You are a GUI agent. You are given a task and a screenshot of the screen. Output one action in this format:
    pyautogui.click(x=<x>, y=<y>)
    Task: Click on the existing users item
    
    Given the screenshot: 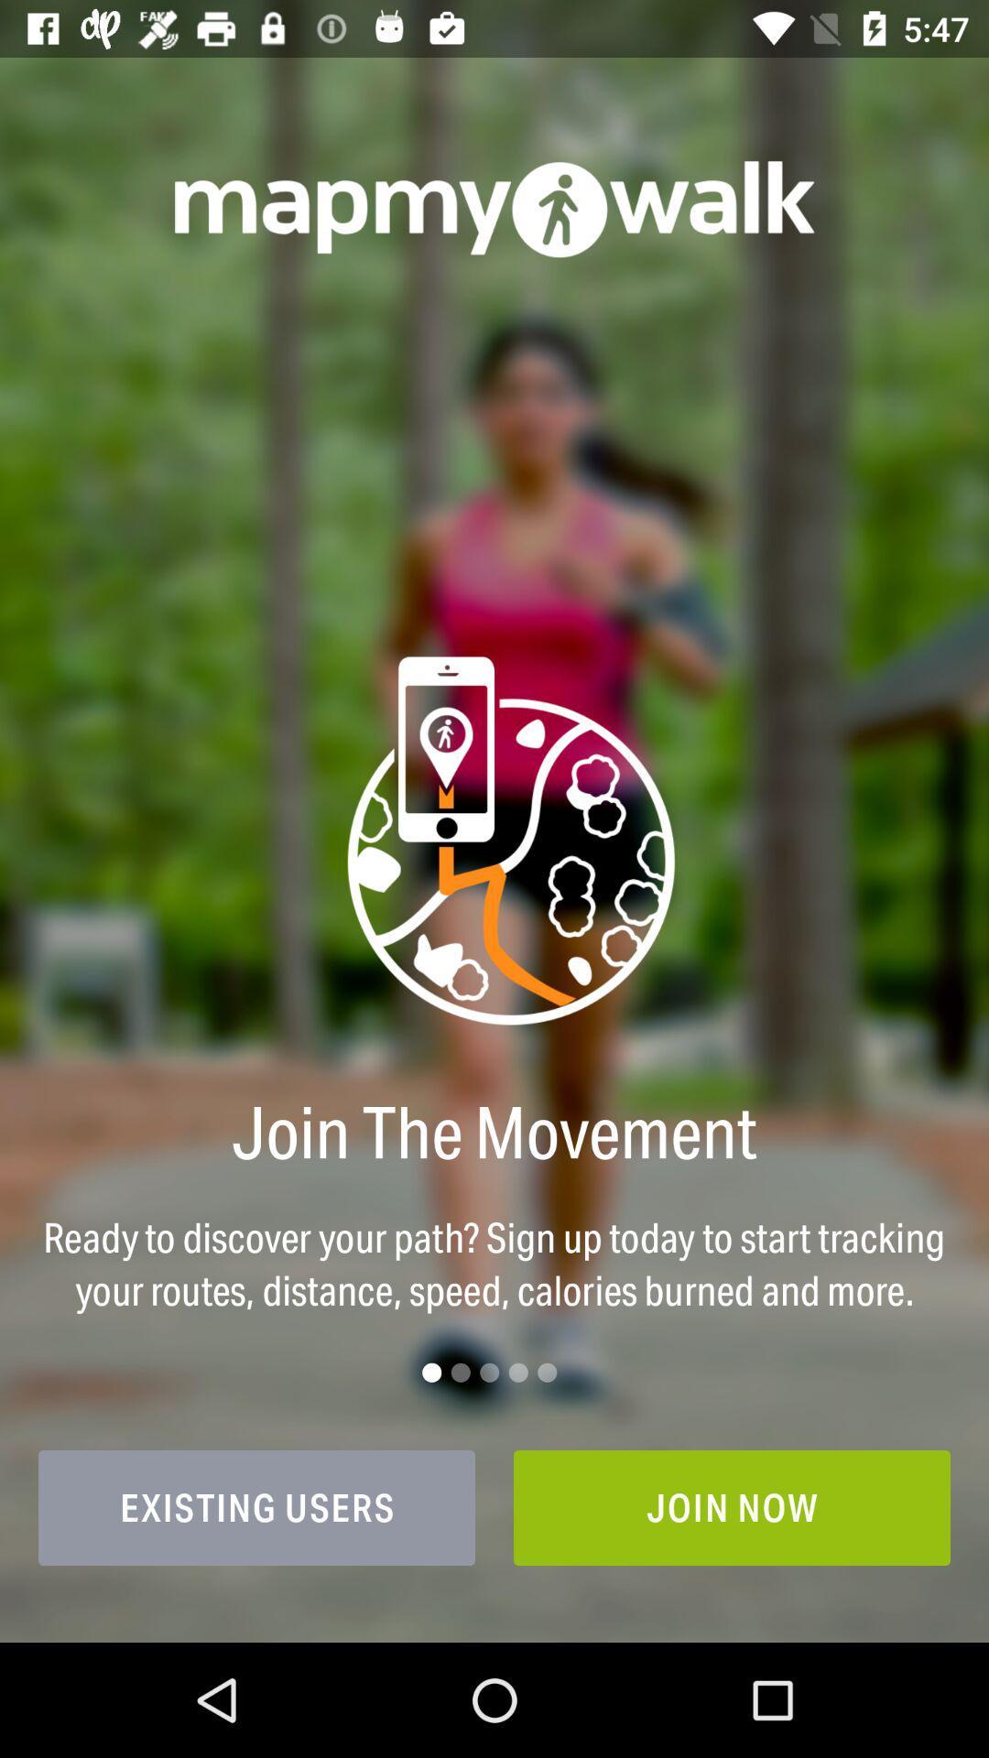 What is the action you would take?
    pyautogui.click(x=256, y=1507)
    